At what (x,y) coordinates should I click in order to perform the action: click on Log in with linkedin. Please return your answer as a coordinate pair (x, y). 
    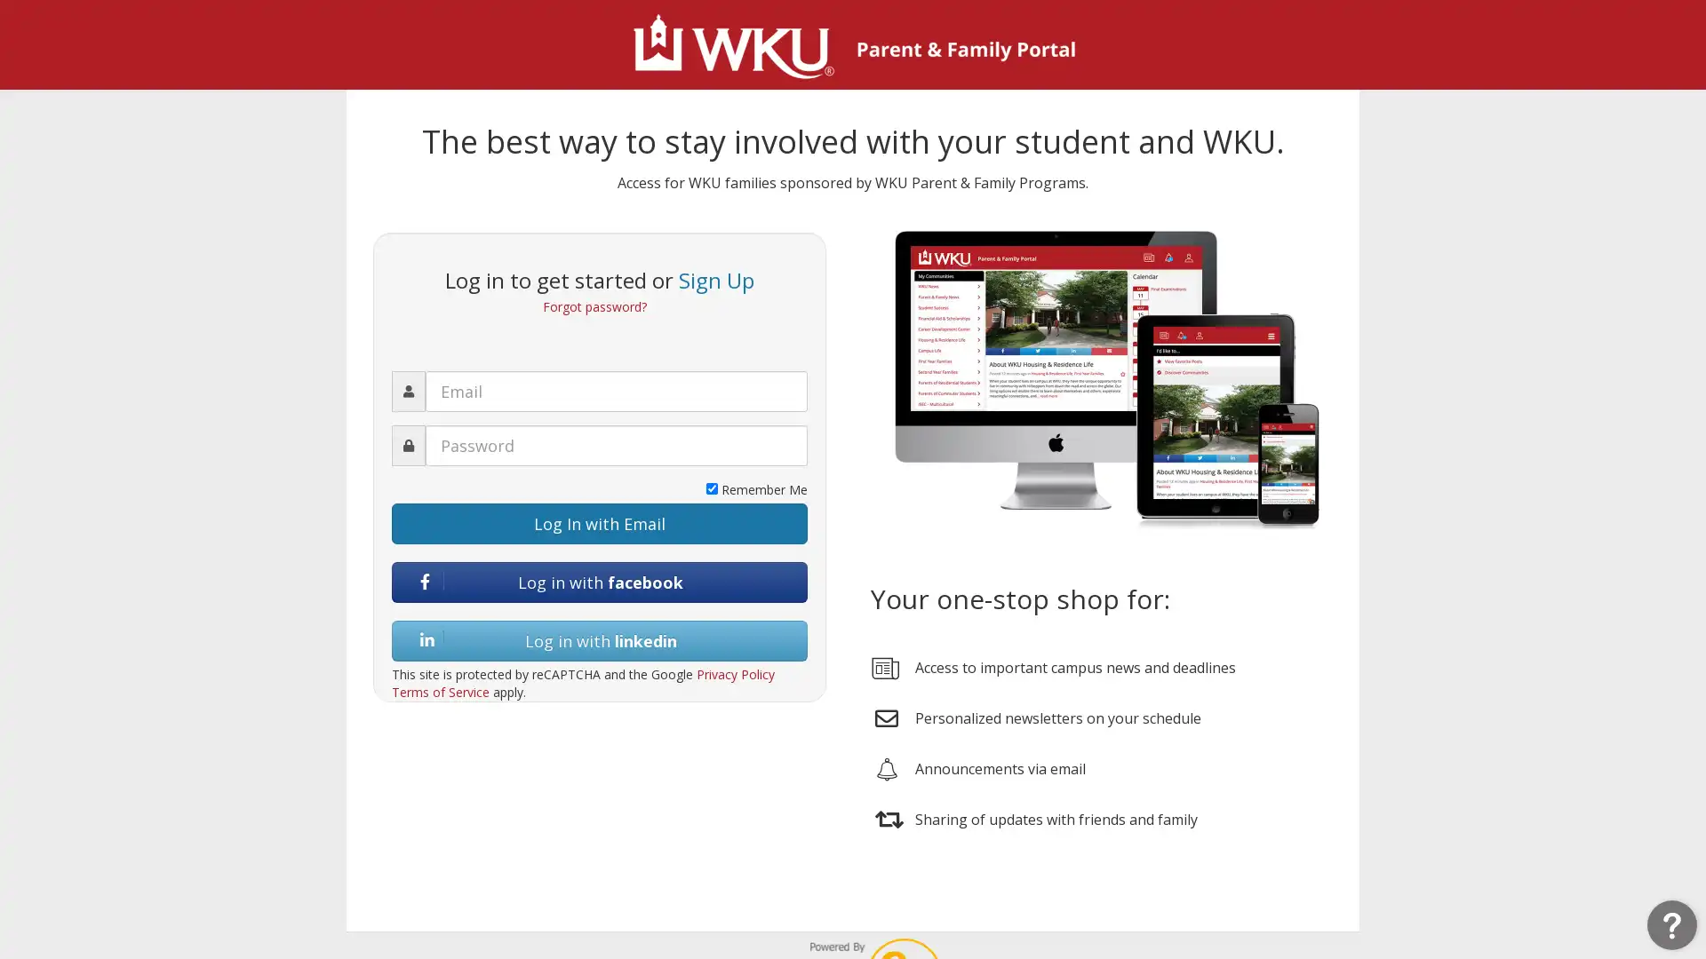
    Looking at the image, I should click on (600, 640).